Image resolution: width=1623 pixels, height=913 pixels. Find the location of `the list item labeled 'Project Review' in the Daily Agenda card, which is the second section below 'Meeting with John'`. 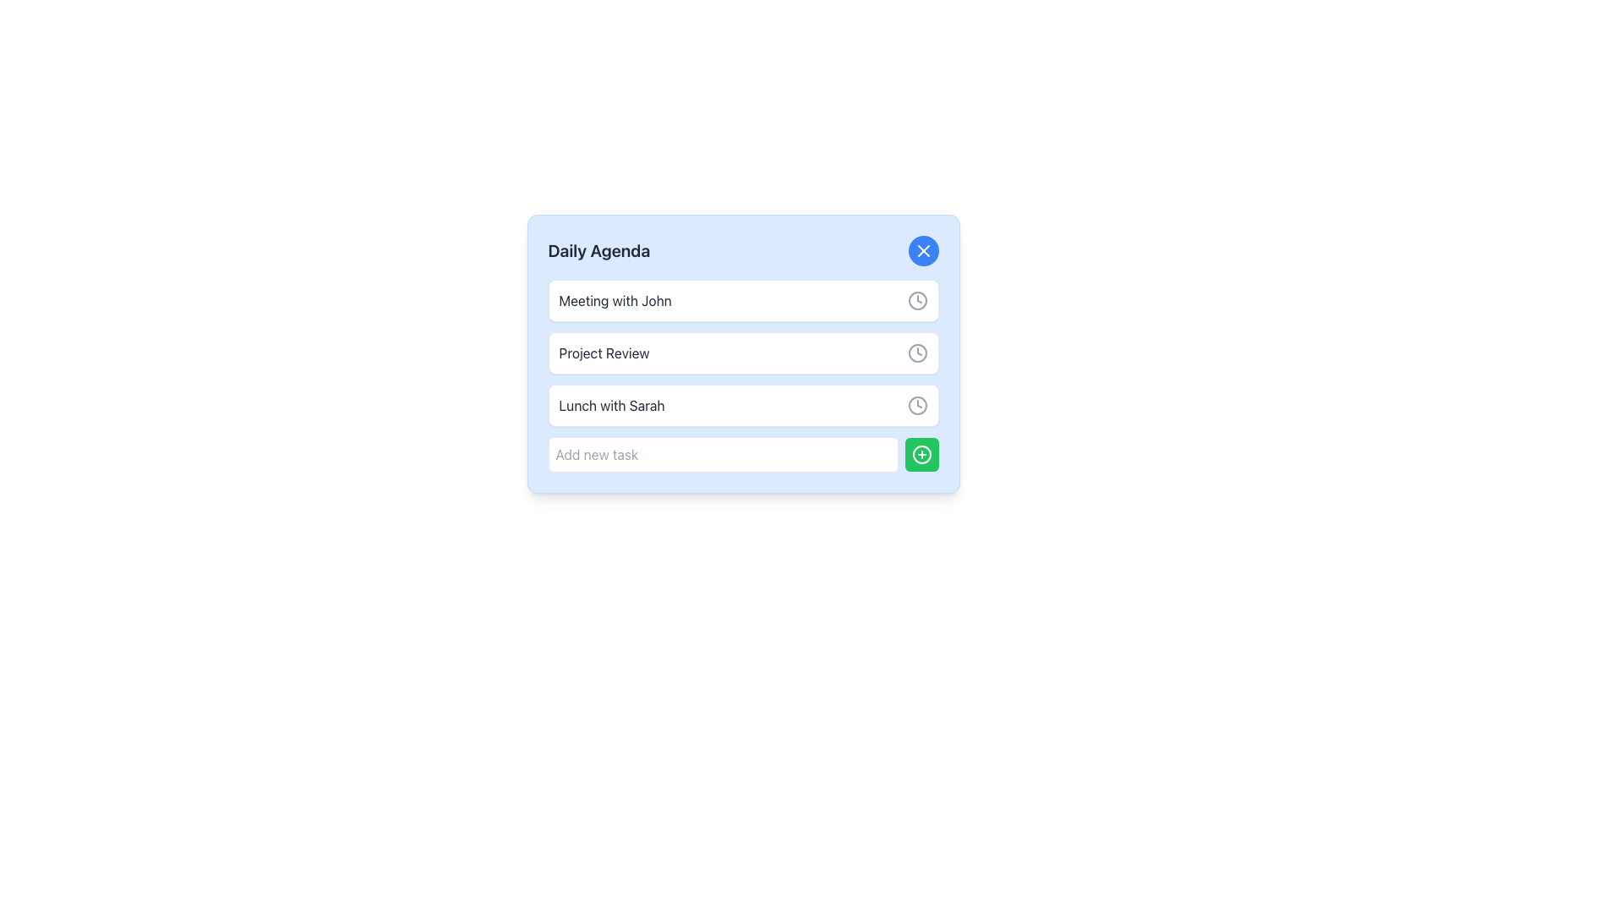

the list item labeled 'Project Review' in the Daily Agenda card, which is the second section below 'Meeting with John' is located at coordinates (743, 374).